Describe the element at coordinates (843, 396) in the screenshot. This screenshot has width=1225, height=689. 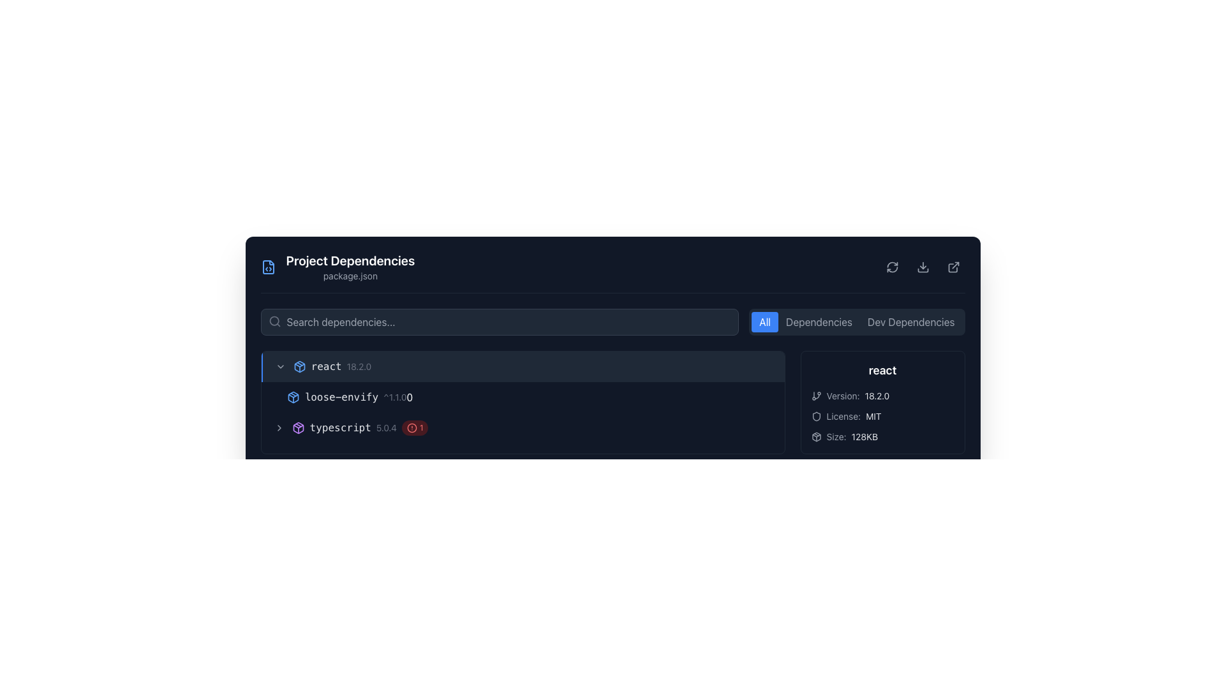
I see `the content of the Text label indicating the version of the listed dependency, positioned to the left of the text '18.2.0' under the 'react' header in the lower-right corner of the interface` at that location.